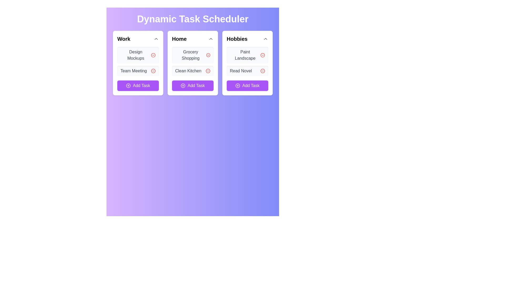 This screenshot has width=505, height=284. What do you see at coordinates (134, 71) in the screenshot?
I see `the text label displaying 'Team Meeting', which is styled in gray and located beneath the 'Design Mockups' section in the 'Work' column` at bounding box center [134, 71].